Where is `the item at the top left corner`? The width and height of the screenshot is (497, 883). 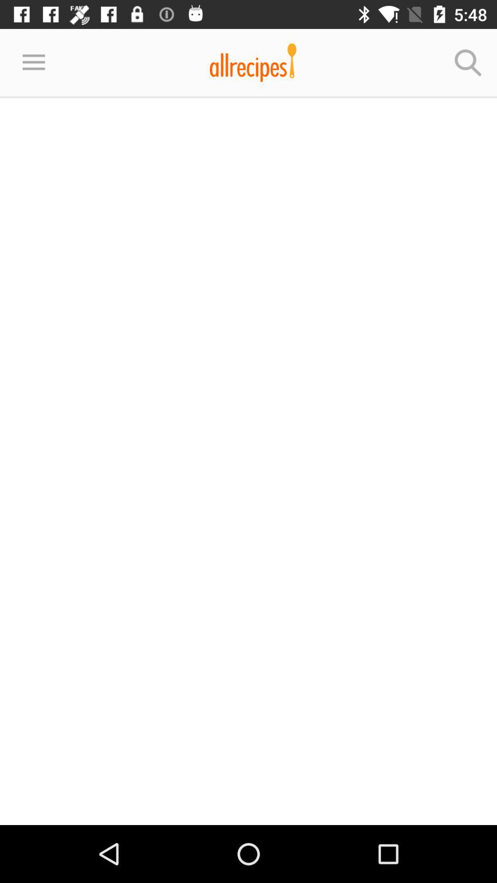 the item at the top left corner is located at coordinates (33, 62).